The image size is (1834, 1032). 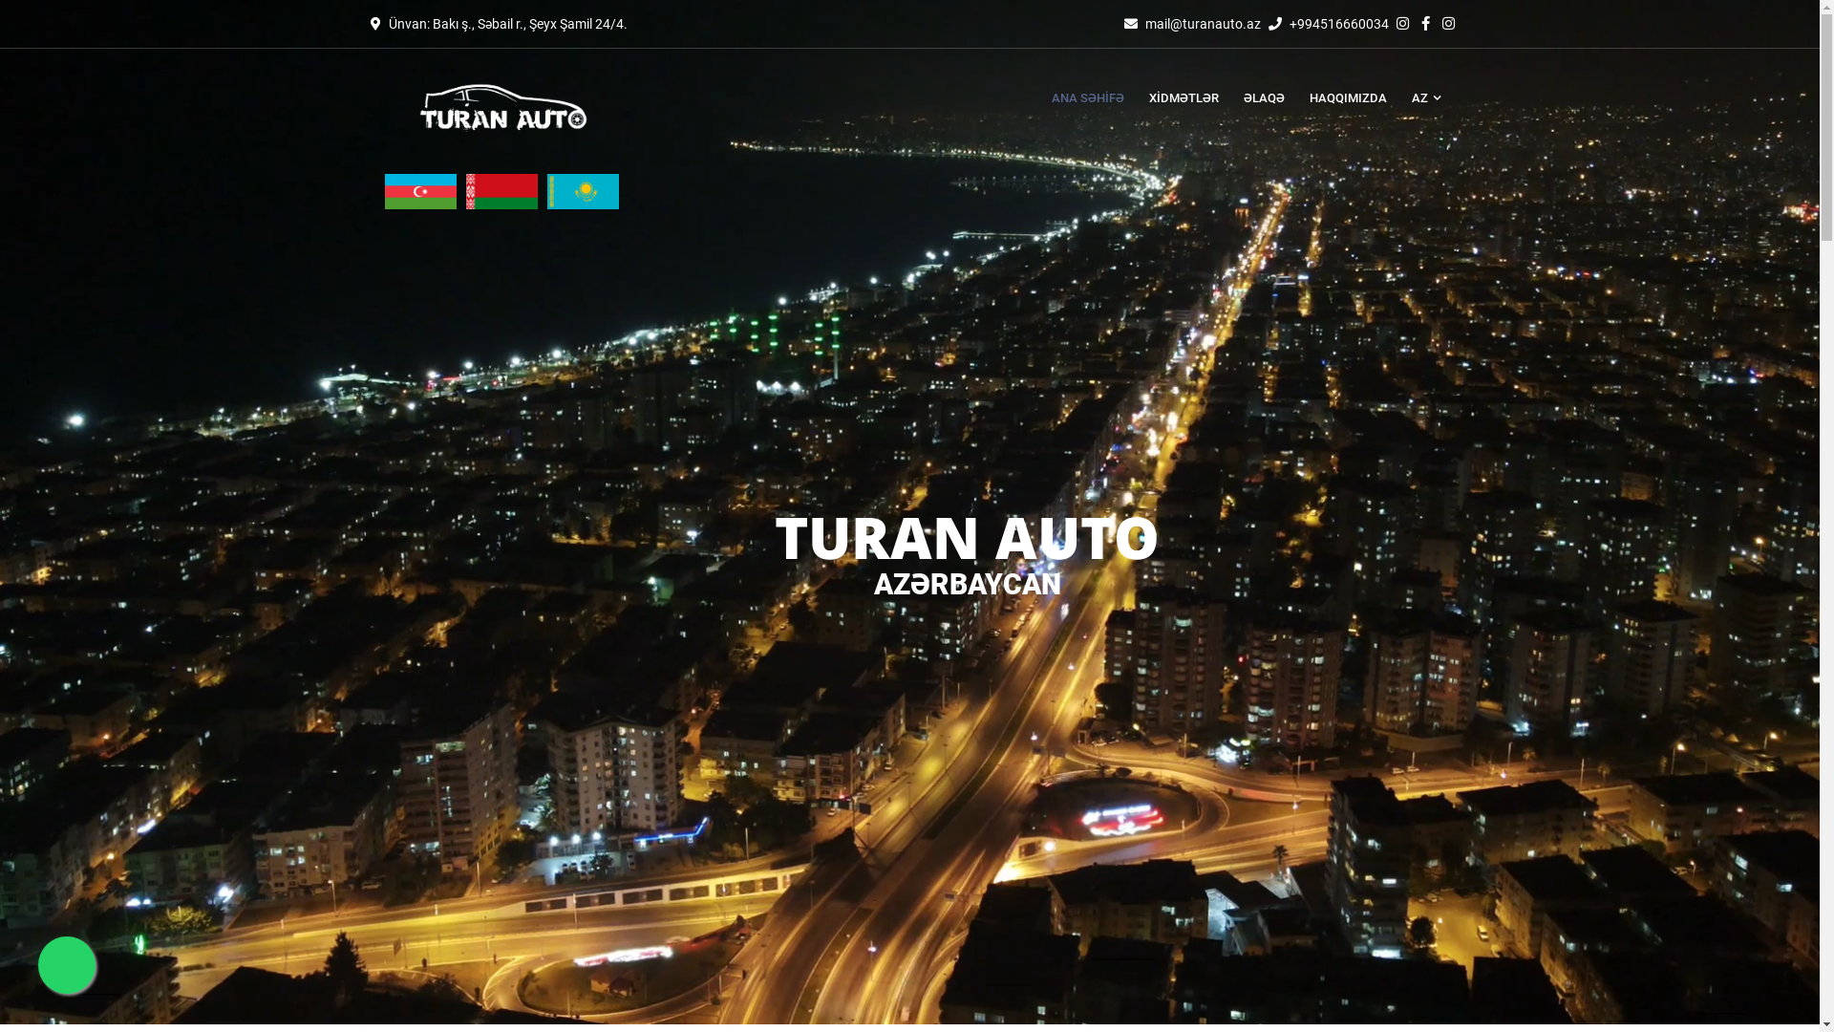 What do you see at coordinates (1347, 98) in the screenshot?
I see `'HAQQIMIZDA'` at bounding box center [1347, 98].